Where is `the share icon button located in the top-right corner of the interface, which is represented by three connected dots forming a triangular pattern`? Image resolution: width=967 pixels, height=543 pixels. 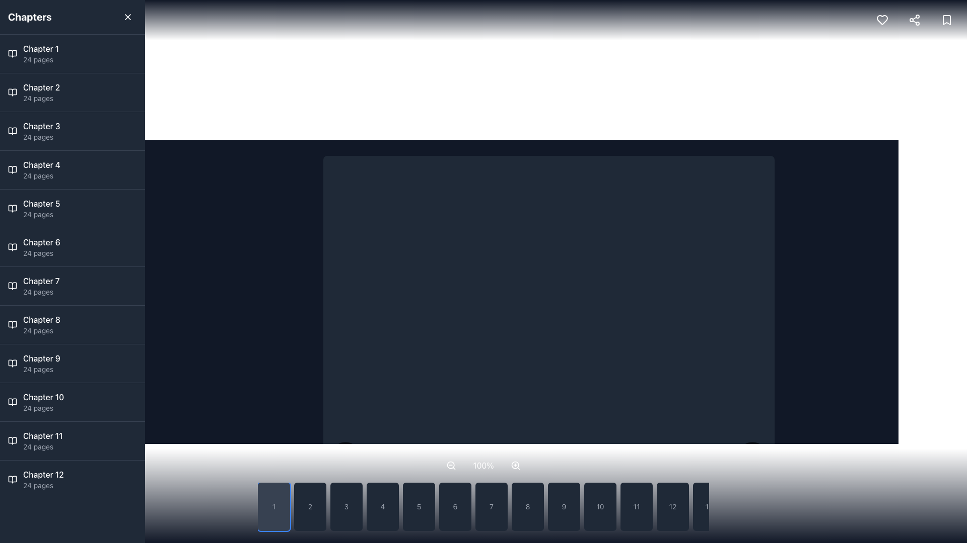
the share icon button located in the top-right corner of the interface, which is represented by three connected dots forming a triangular pattern is located at coordinates (914, 20).